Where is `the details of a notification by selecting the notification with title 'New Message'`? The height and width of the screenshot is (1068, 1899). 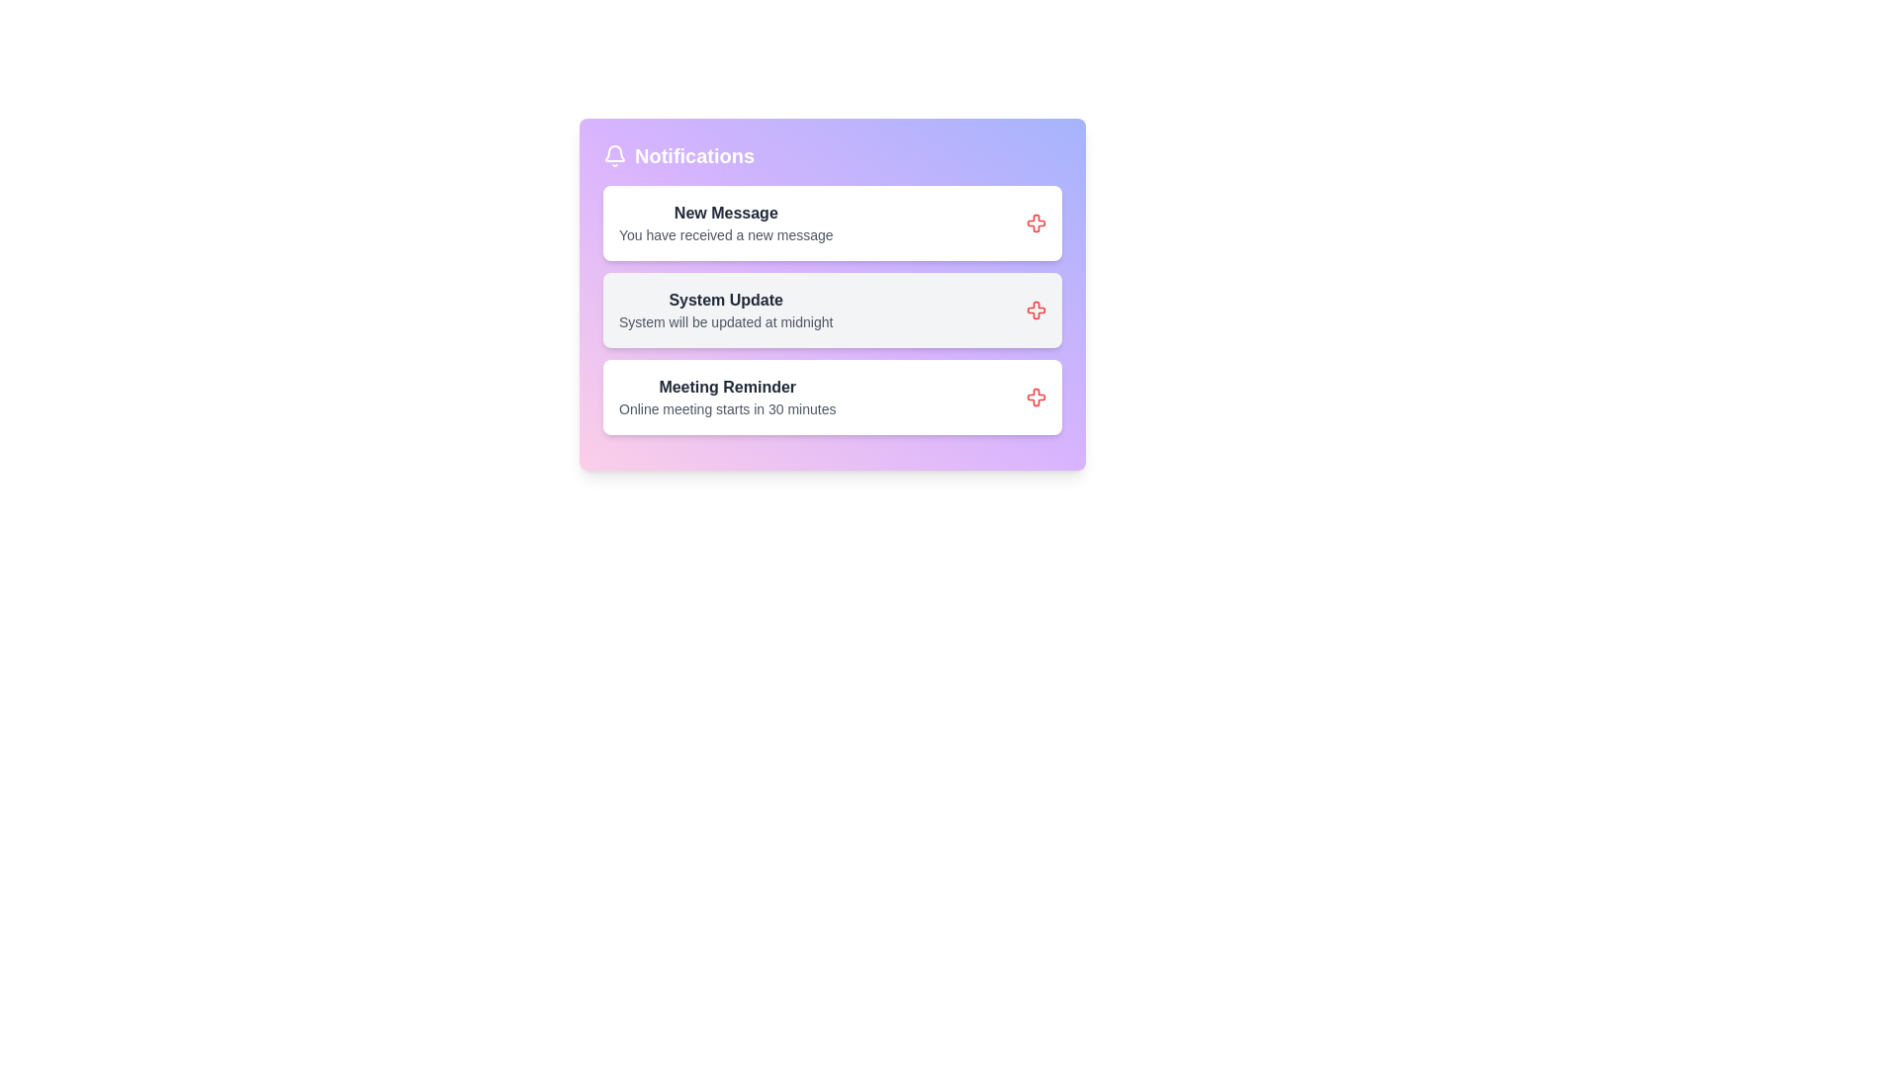
the details of a notification by selecting the notification with title 'New Message' is located at coordinates (725, 222).